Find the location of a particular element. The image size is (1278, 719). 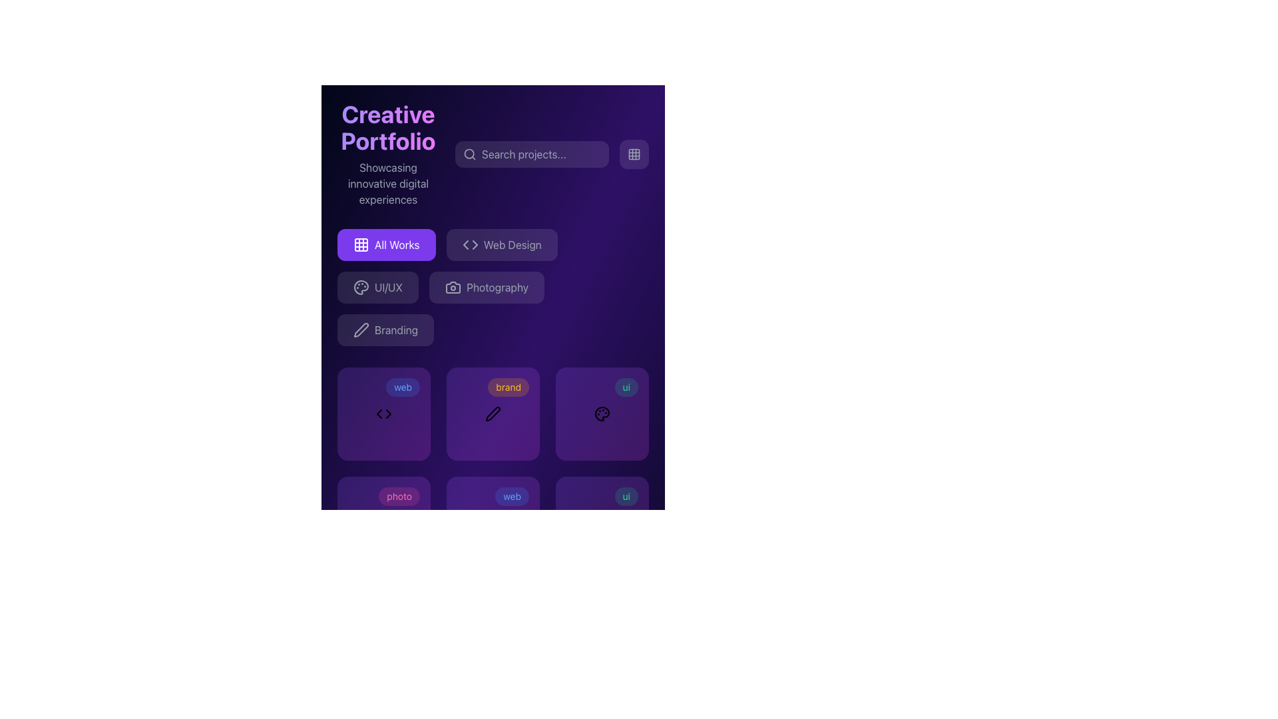

the rounded text input field with placeholder text 'Search projects...' is located at coordinates (531, 153).